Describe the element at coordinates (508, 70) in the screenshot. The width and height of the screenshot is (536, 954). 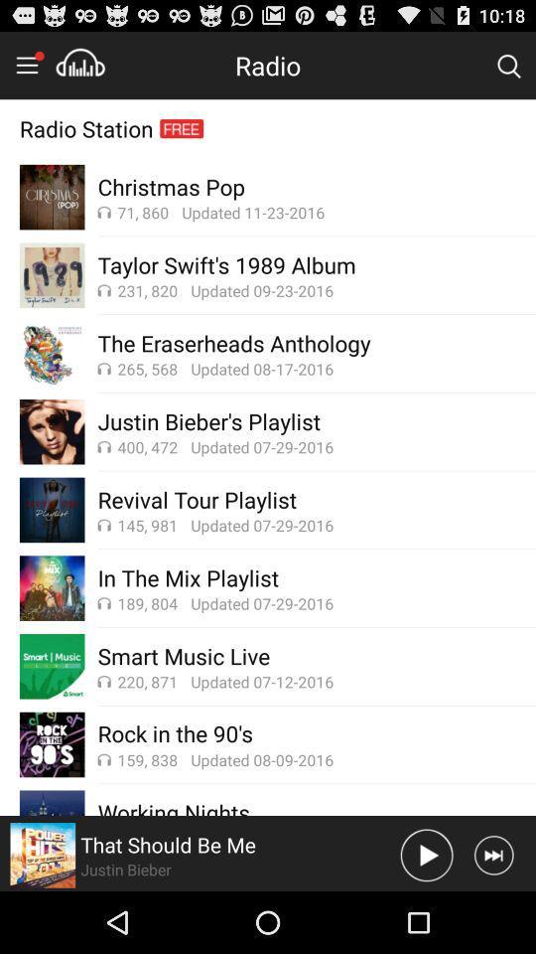
I see `the search icon` at that location.